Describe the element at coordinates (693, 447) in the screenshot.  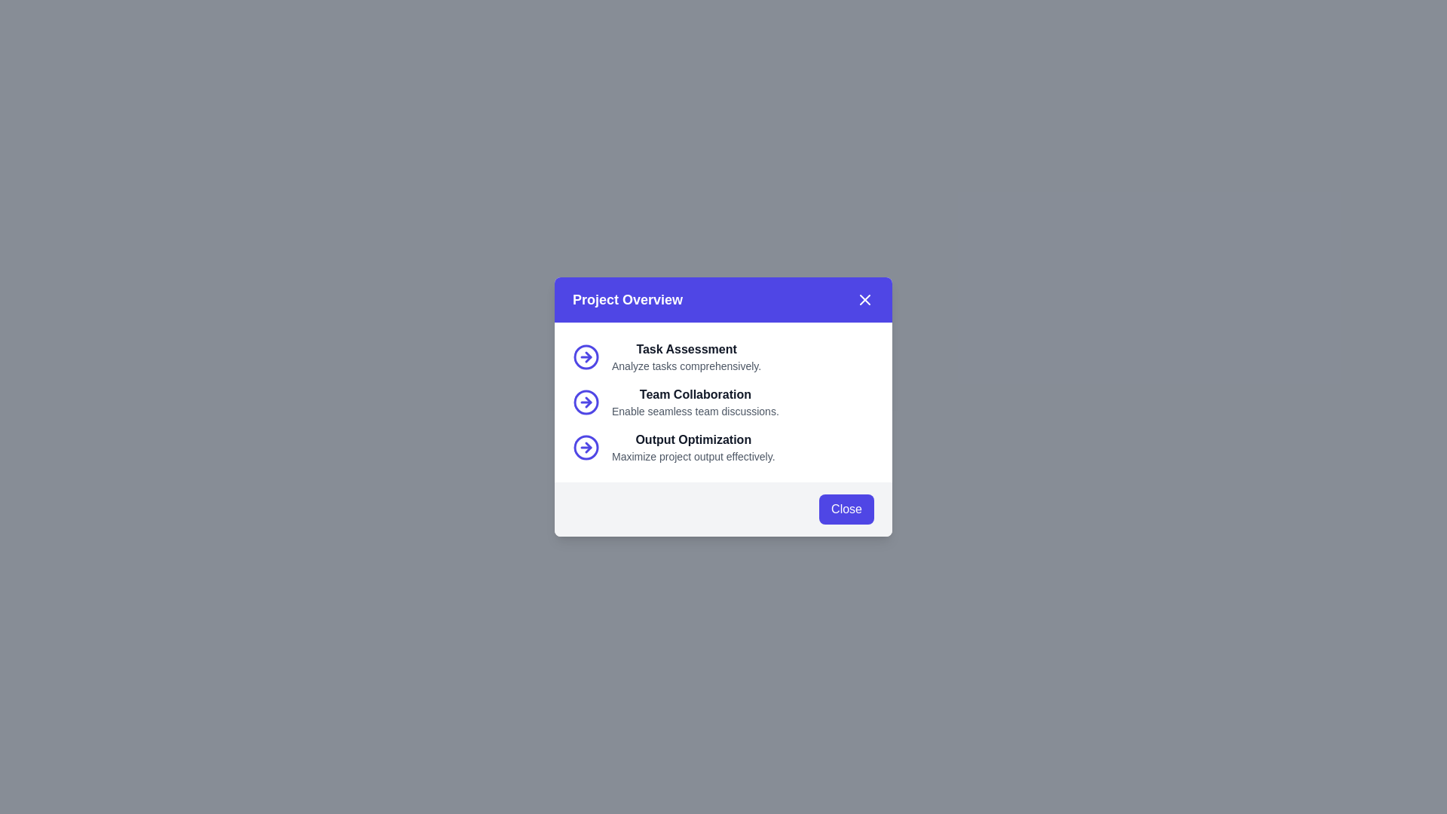
I see `the textual content group titled 'Output Optimization' which contains the heading and description to read the text` at that location.